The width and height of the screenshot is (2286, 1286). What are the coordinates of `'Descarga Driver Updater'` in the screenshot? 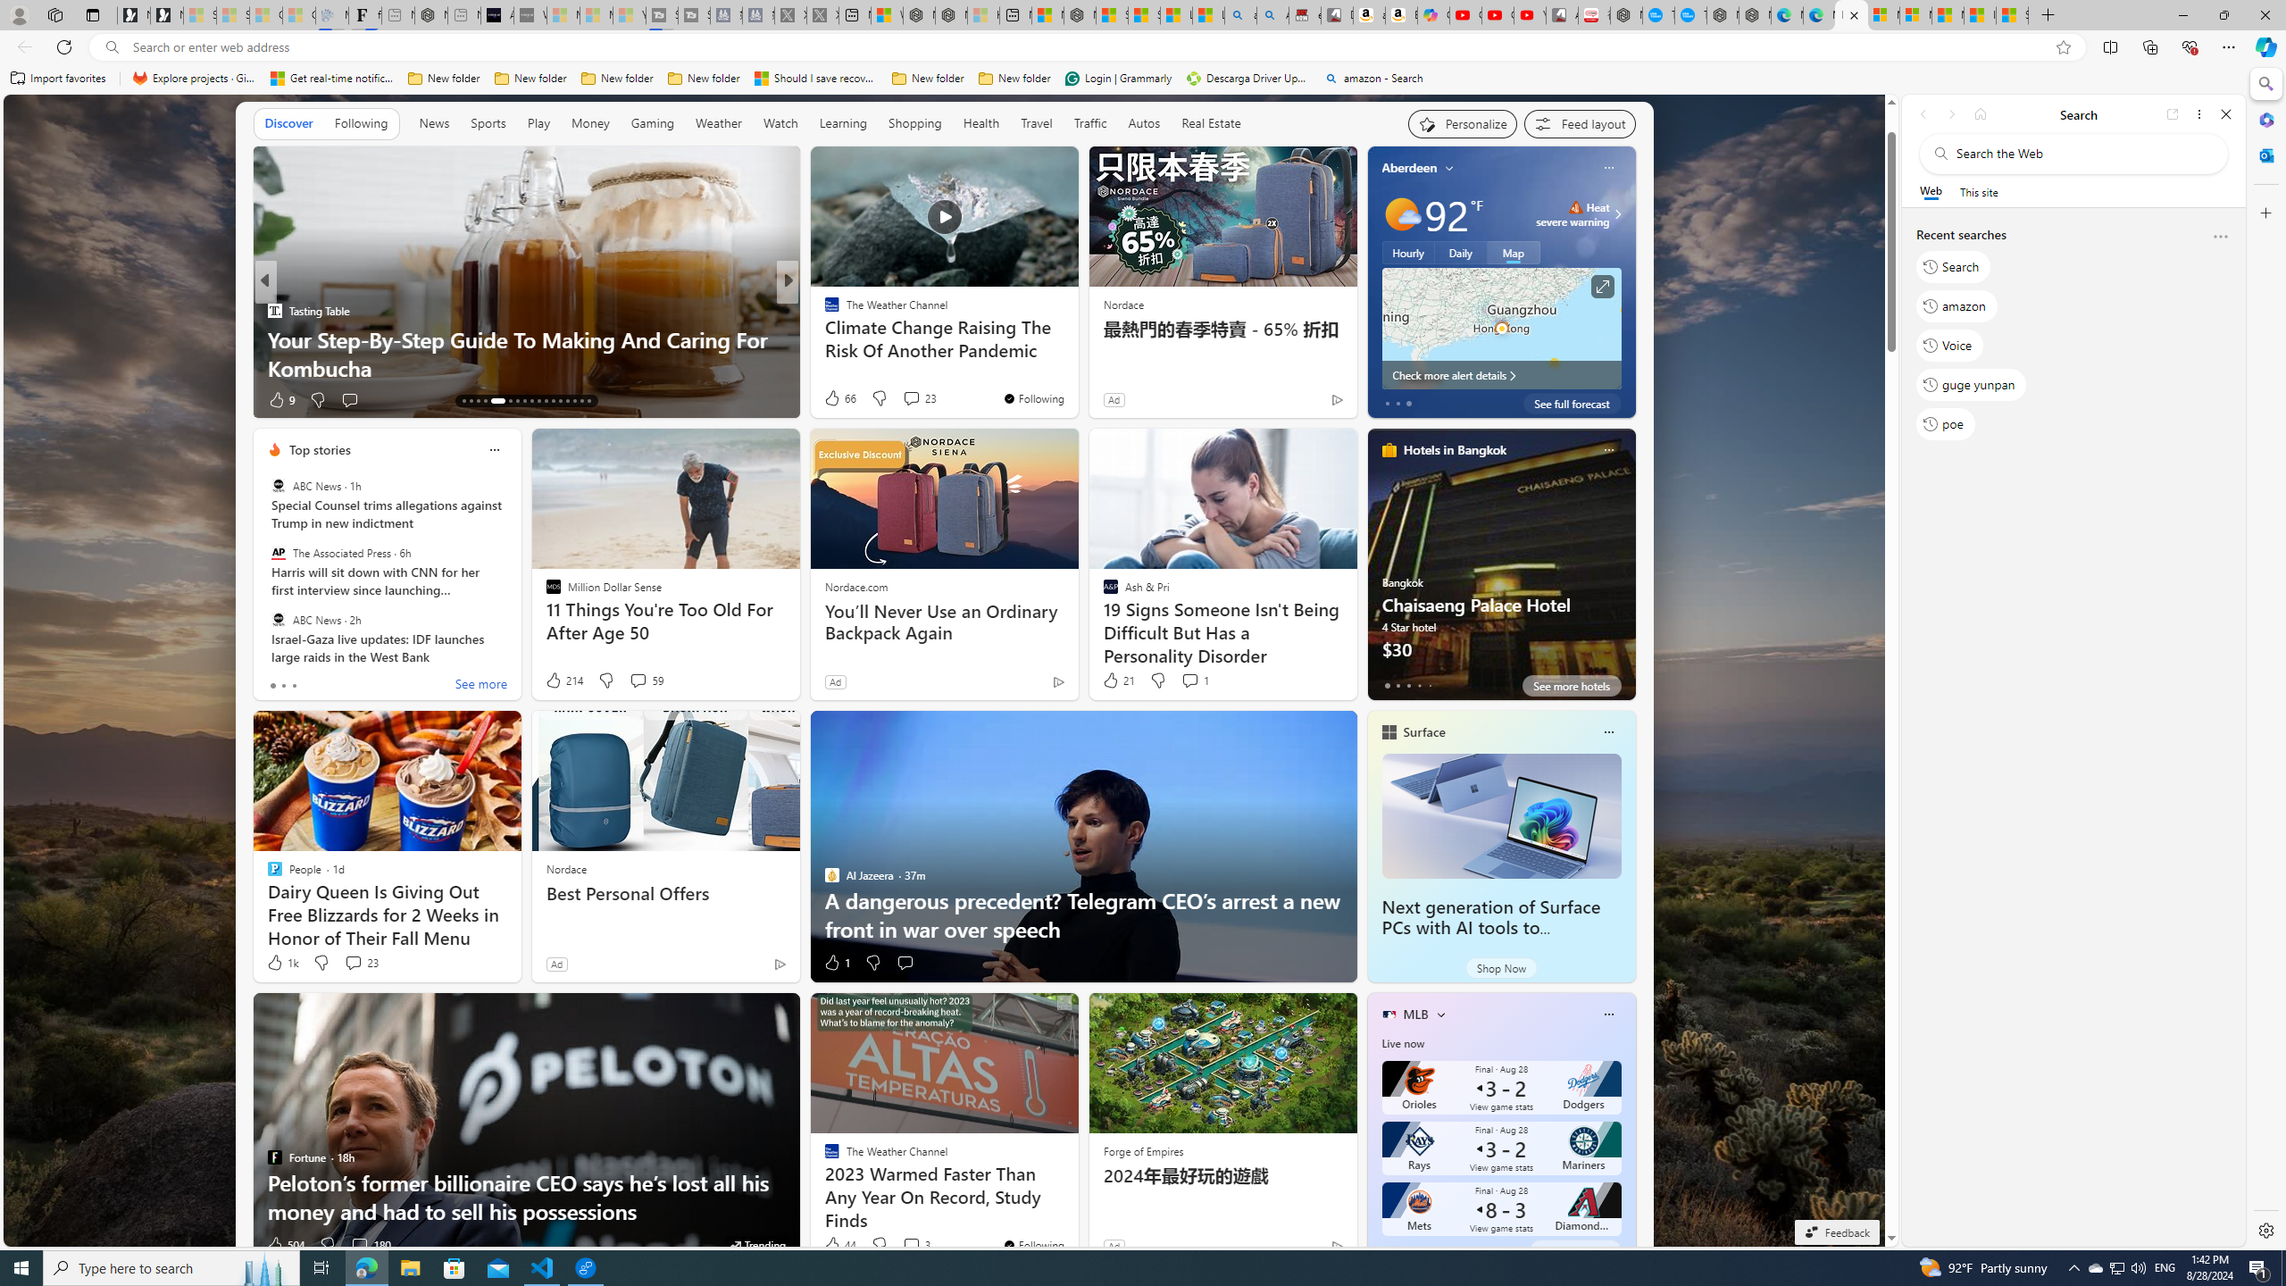 It's located at (1247, 78).